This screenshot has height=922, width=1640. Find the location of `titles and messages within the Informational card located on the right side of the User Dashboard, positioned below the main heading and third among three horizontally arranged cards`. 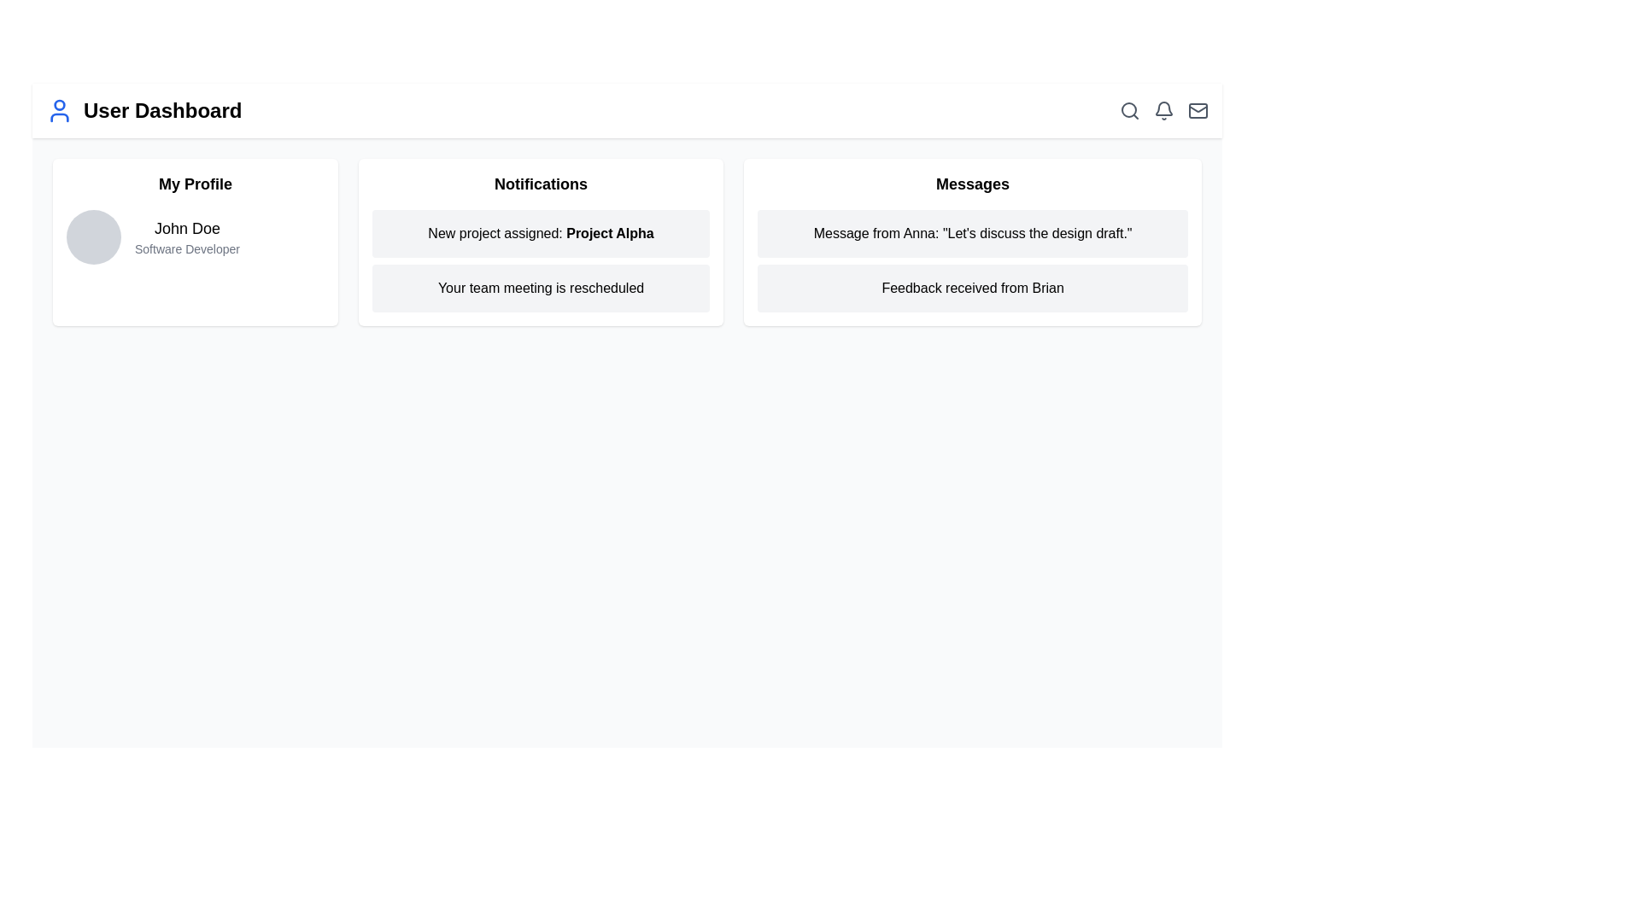

titles and messages within the Informational card located on the right side of the User Dashboard, positioned below the main heading and third among three horizontally arranged cards is located at coordinates (973, 242).